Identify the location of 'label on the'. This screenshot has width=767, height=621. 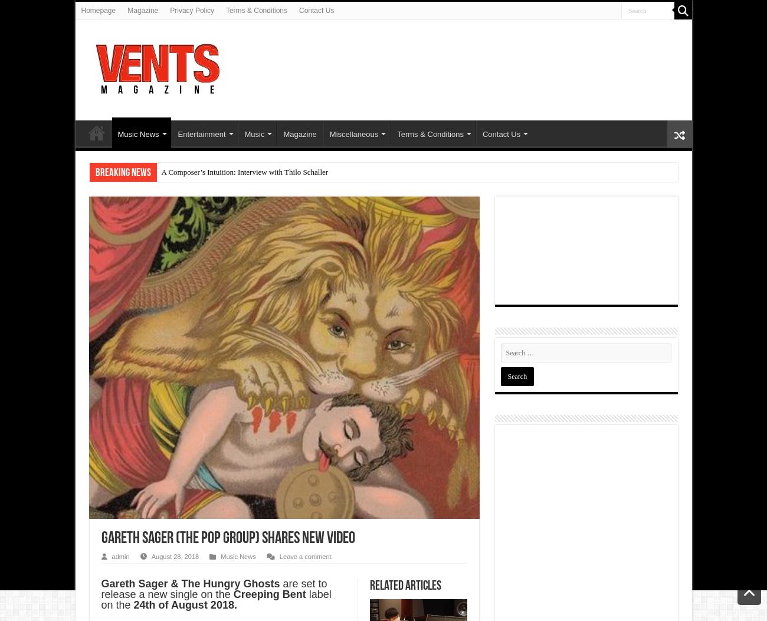
(215, 599).